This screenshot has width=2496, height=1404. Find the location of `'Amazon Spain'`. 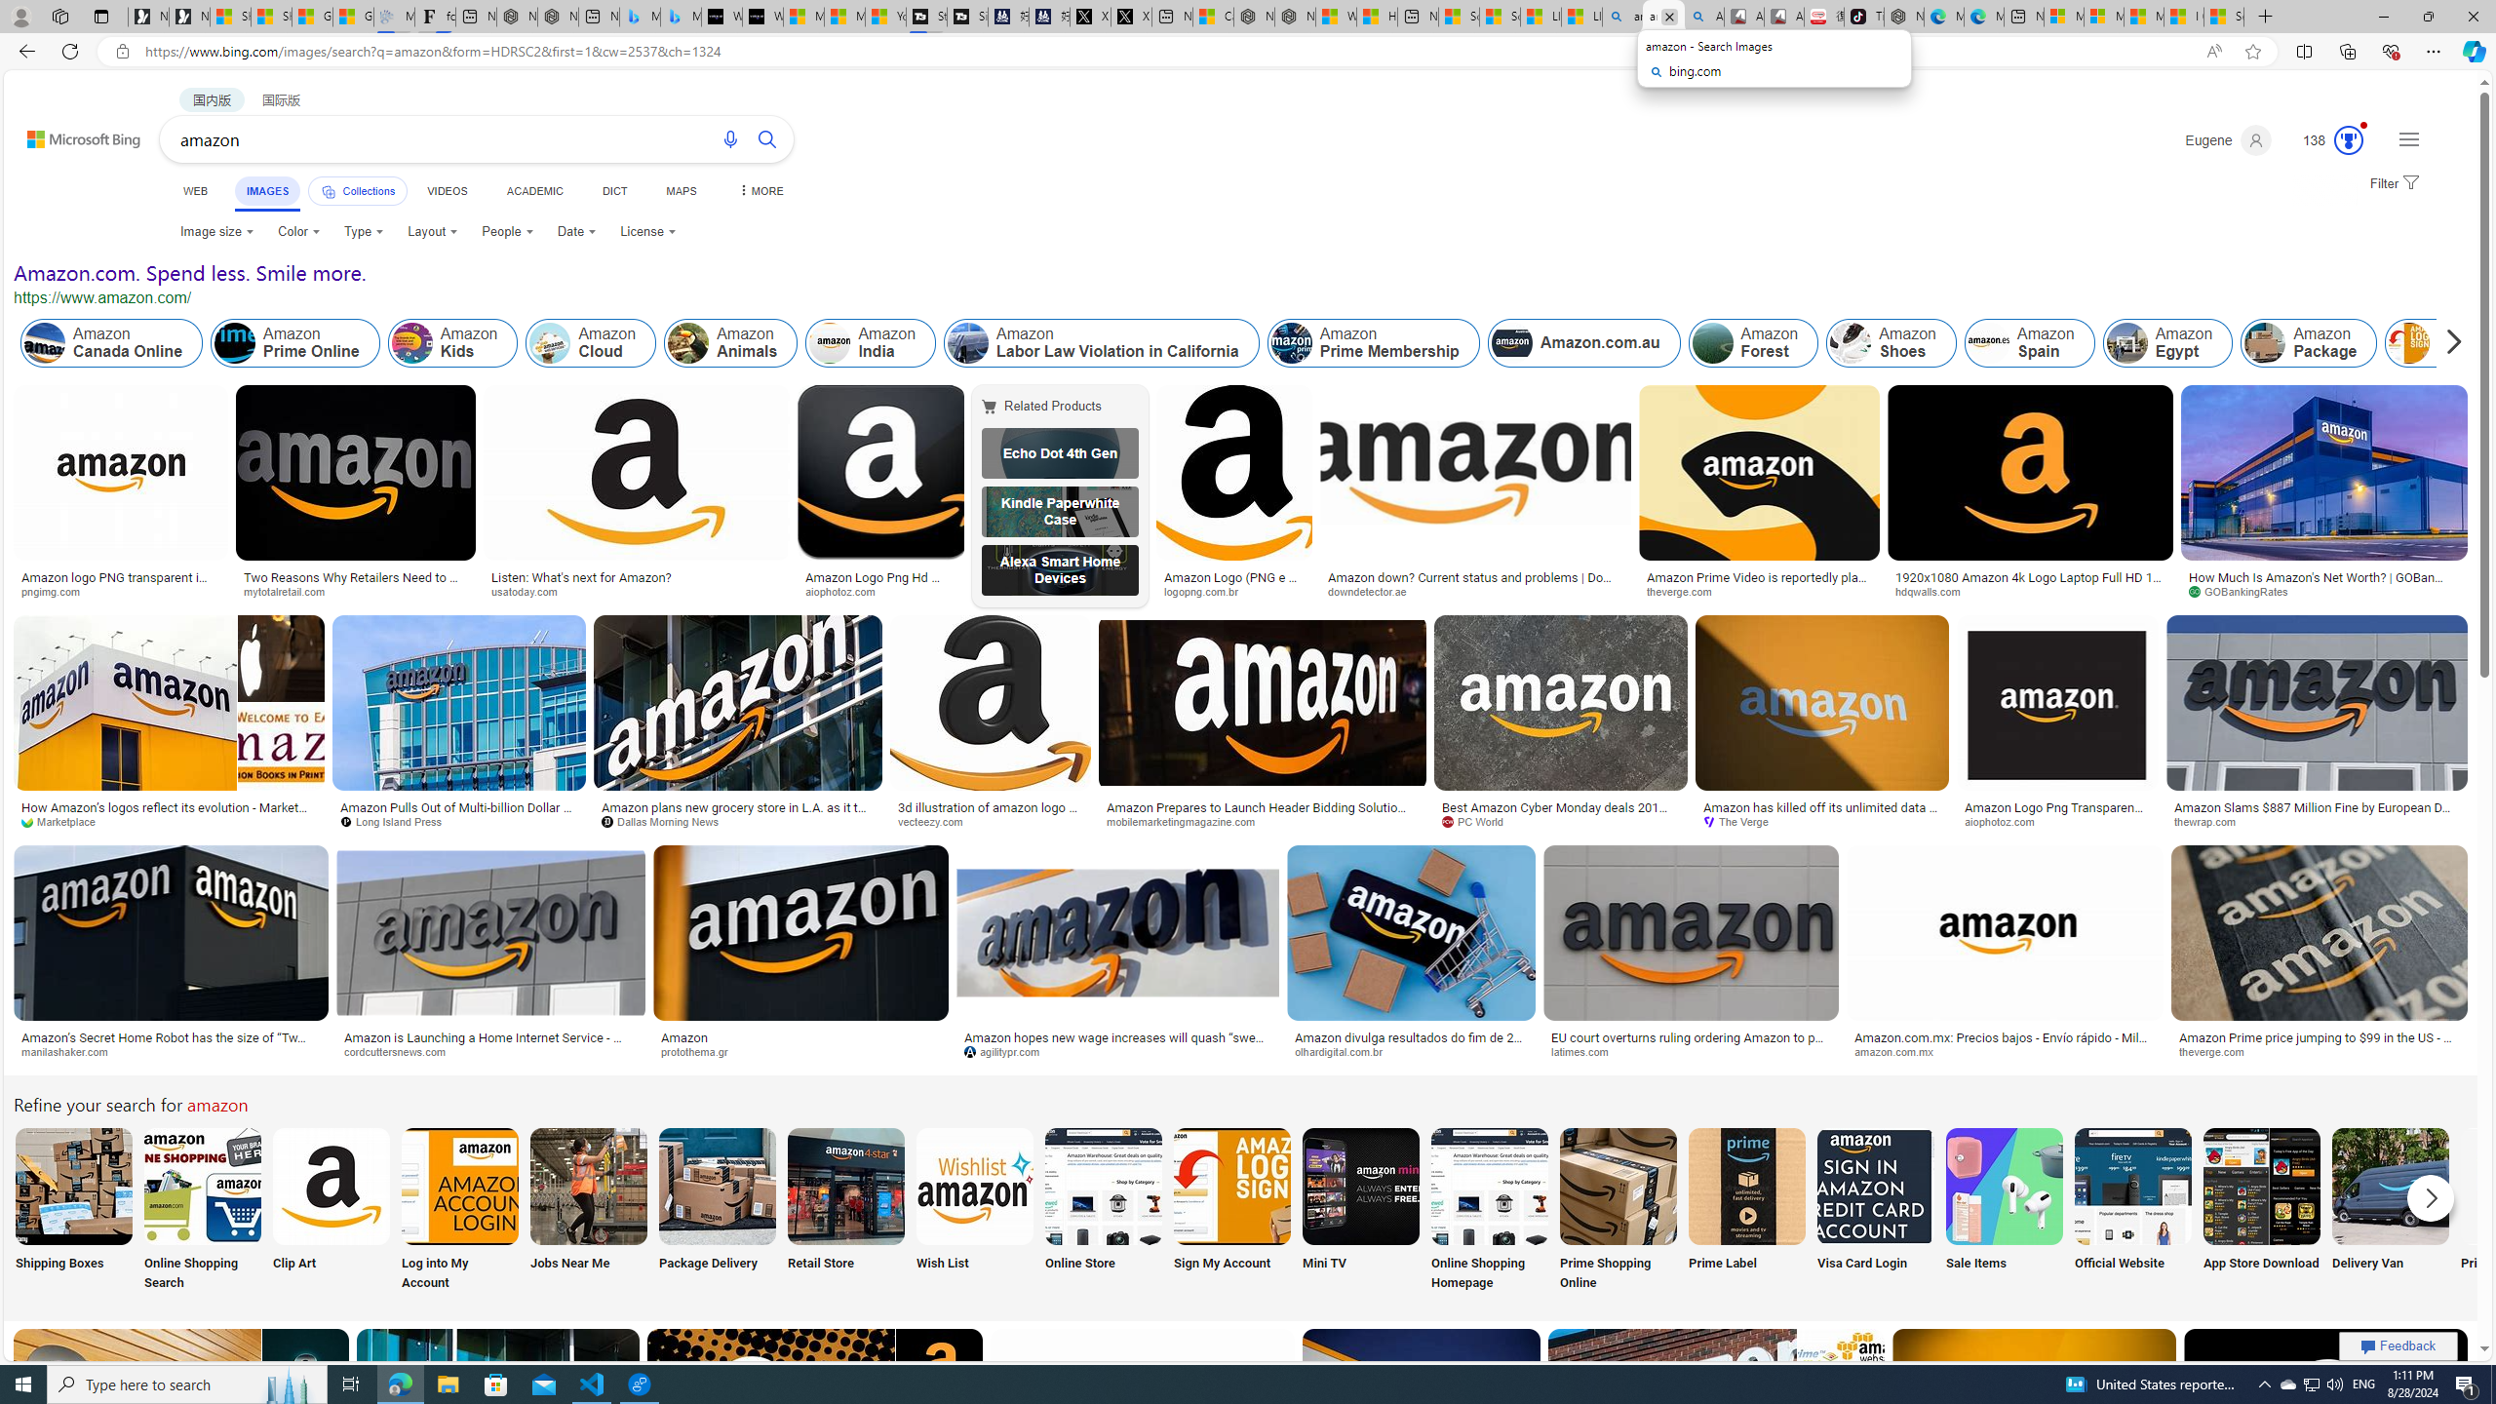

'Amazon Spain' is located at coordinates (2028, 343).